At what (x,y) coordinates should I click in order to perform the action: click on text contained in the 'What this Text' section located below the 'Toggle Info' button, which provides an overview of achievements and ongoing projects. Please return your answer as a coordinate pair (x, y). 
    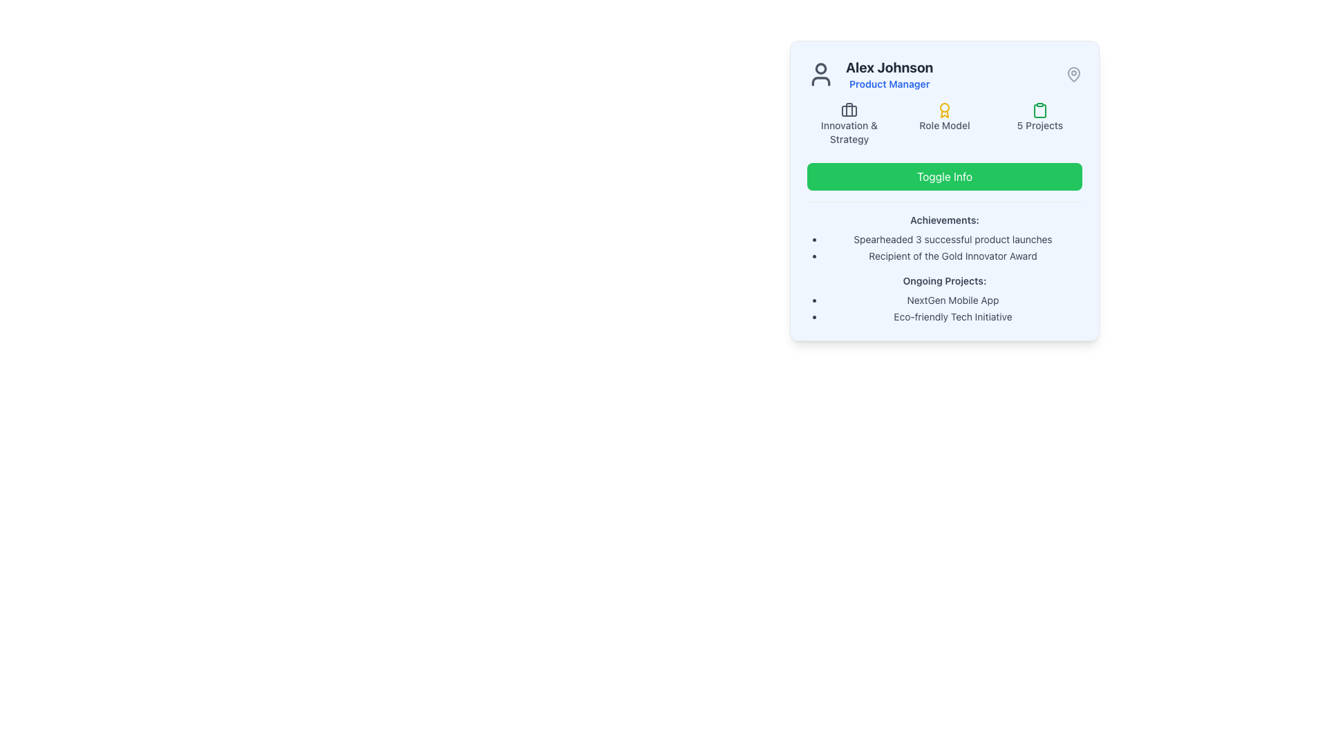
    Looking at the image, I should click on (944, 262).